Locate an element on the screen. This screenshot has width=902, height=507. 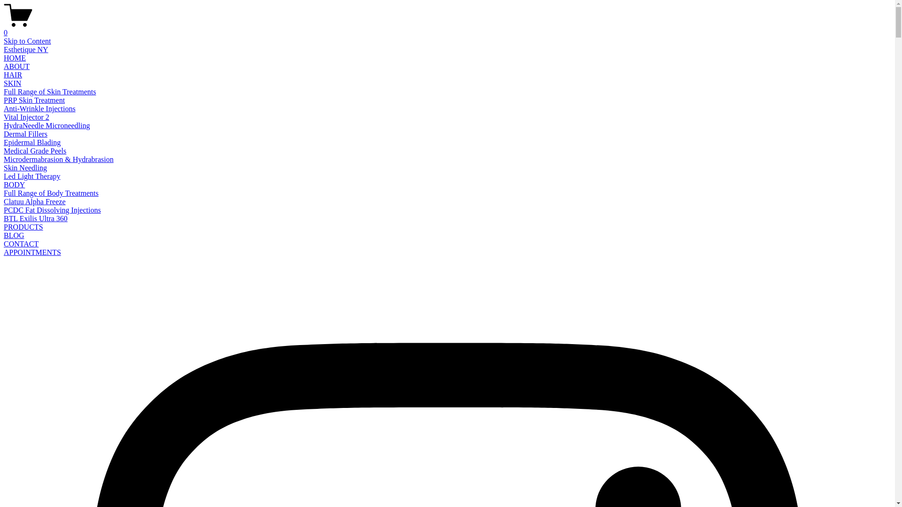
'Full Range of Body Treatments' is located at coordinates (51, 192).